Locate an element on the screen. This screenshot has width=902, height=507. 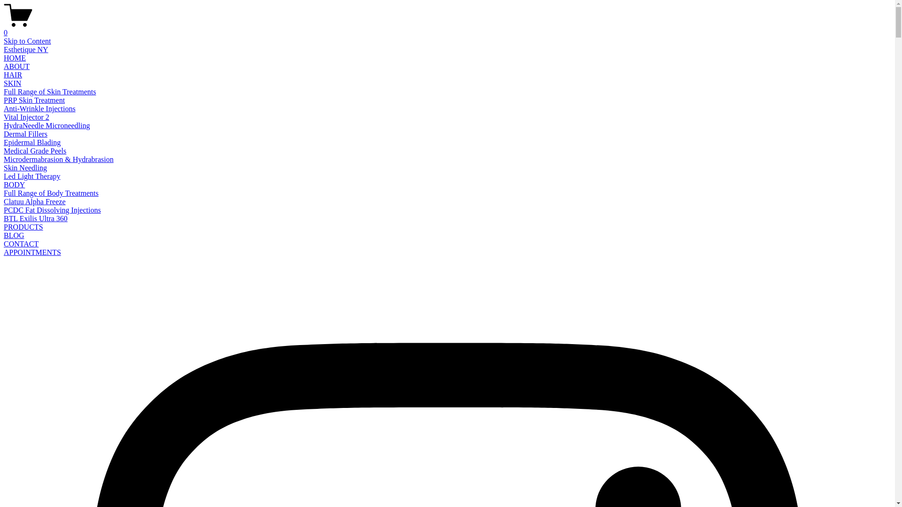
'Full Range of Body Treatments' is located at coordinates (51, 192).